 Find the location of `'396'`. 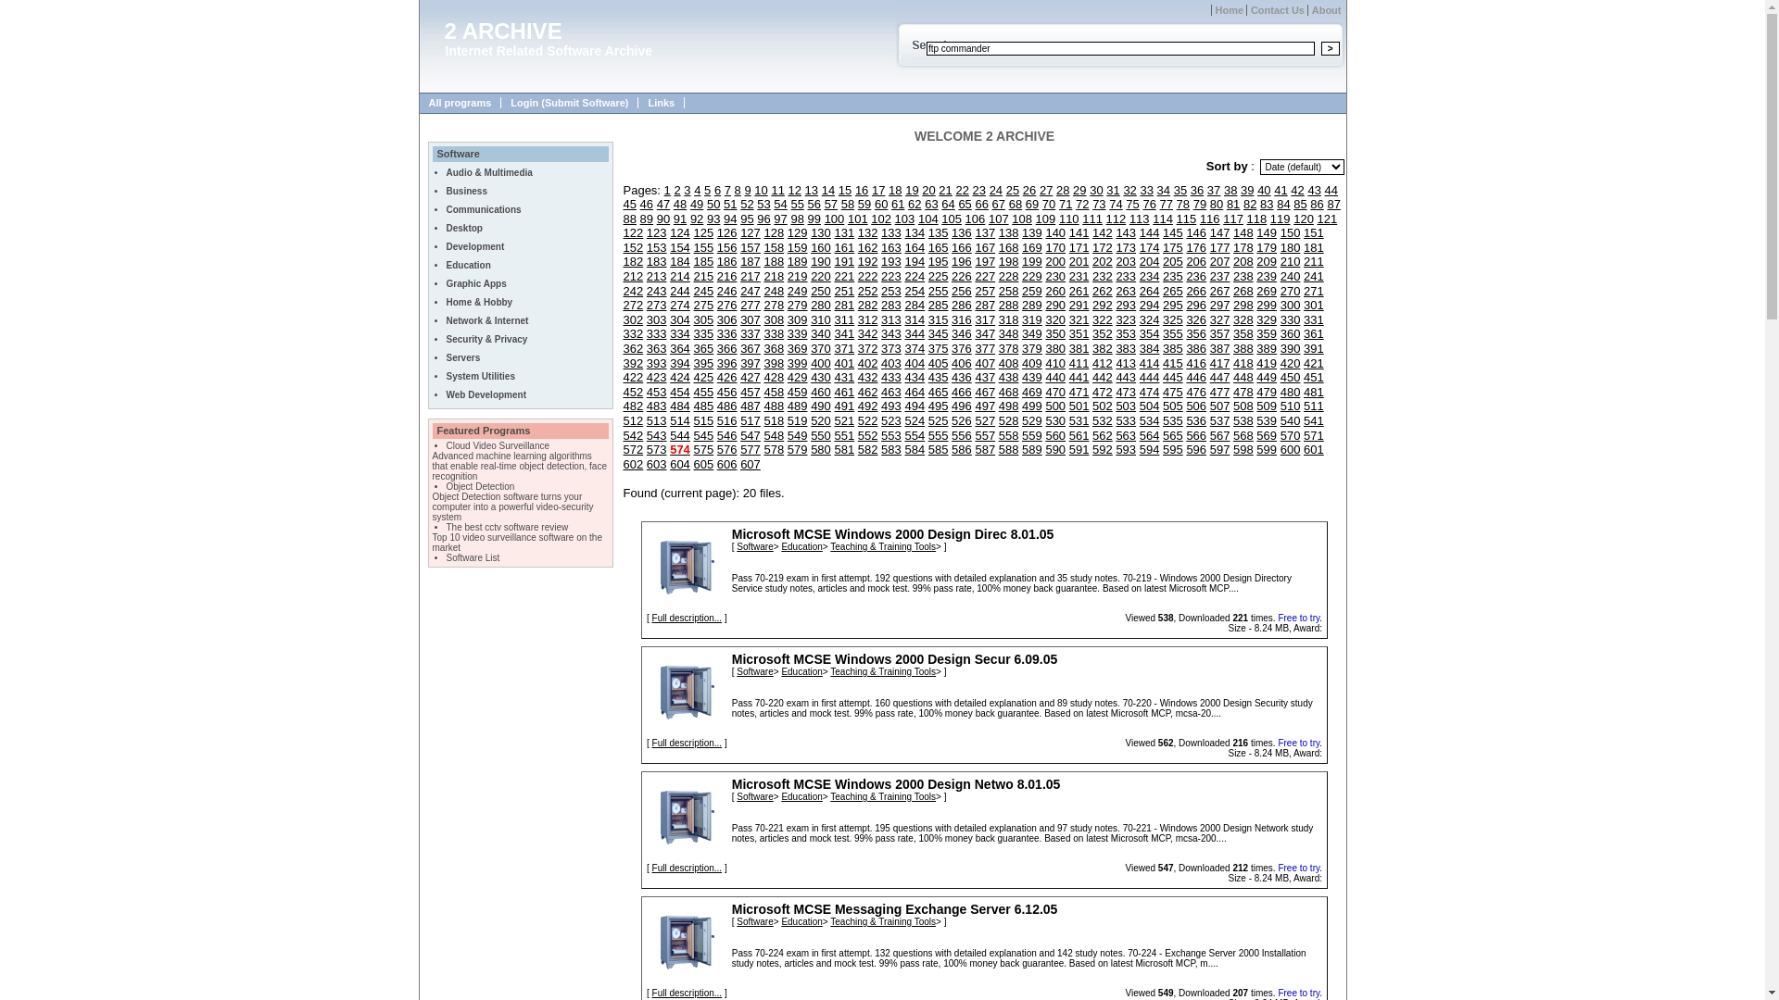

'396' is located at coordinates (726, 363).